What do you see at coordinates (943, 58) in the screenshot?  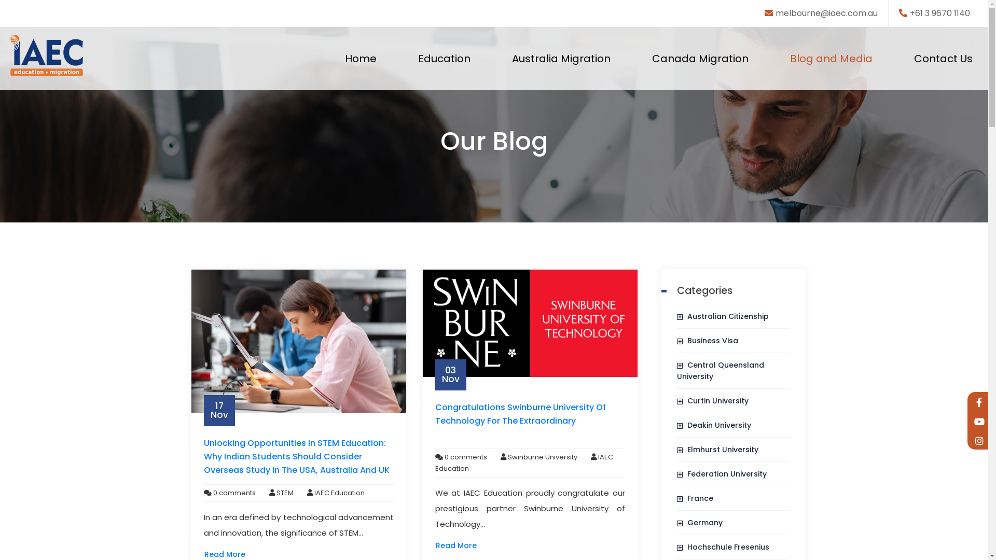 I see `'Contact Us'` at bounding box center [943, 58].